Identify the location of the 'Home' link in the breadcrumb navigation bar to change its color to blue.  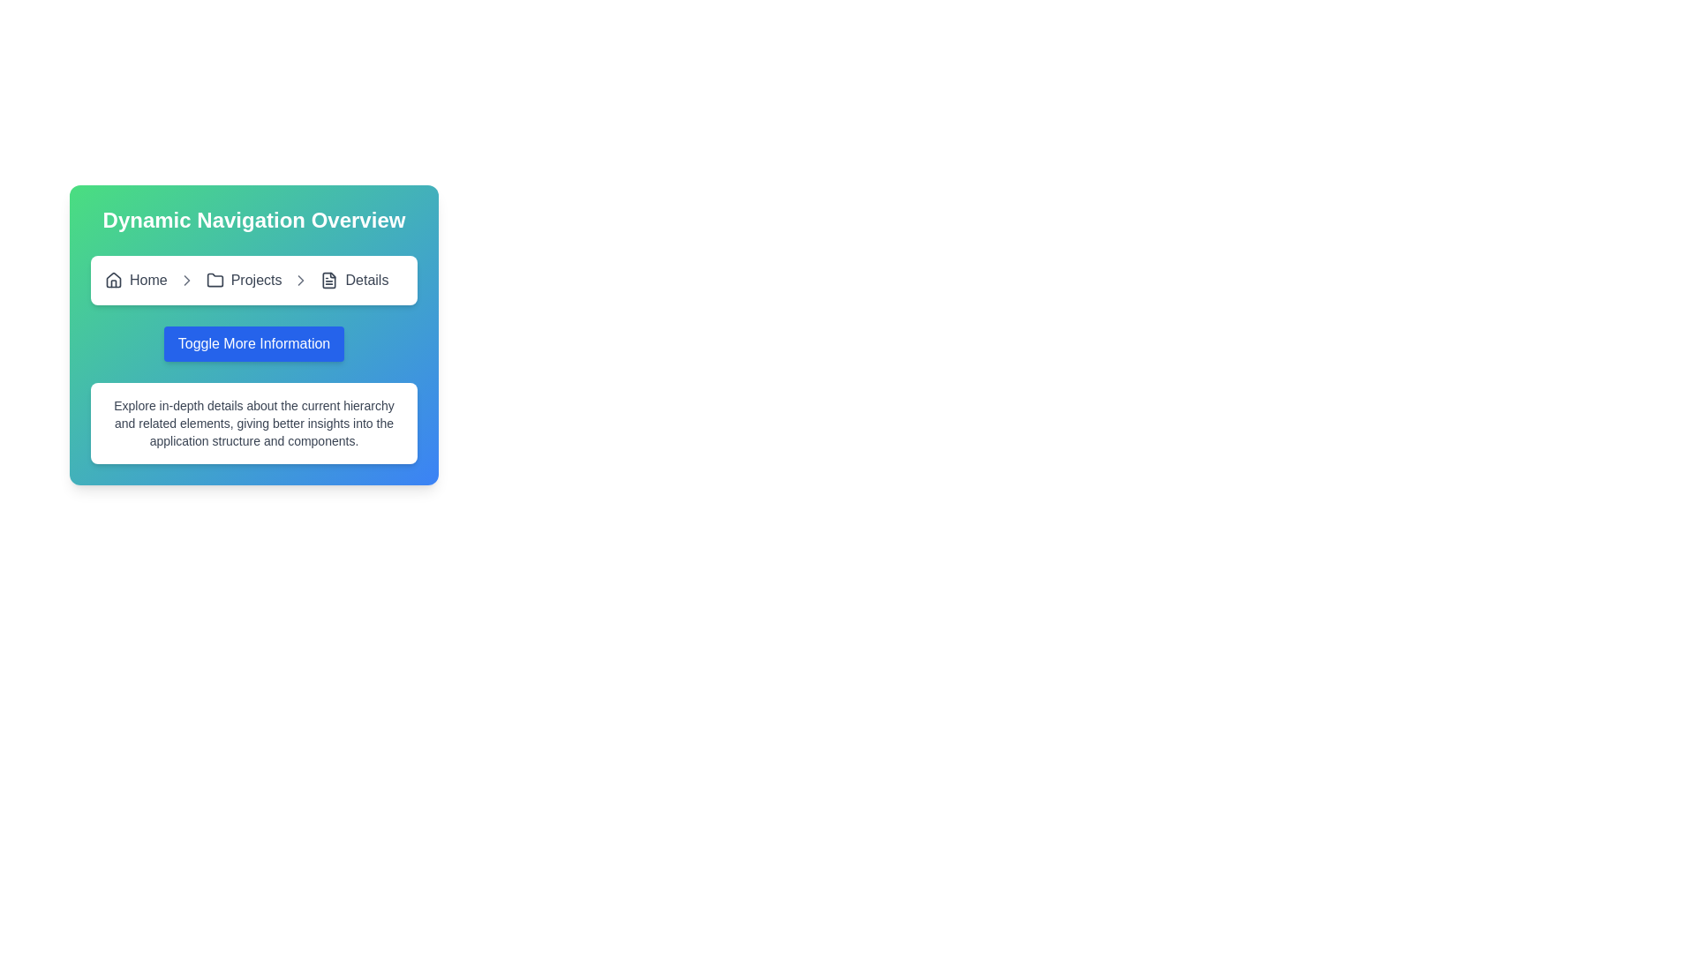
(135, 279).